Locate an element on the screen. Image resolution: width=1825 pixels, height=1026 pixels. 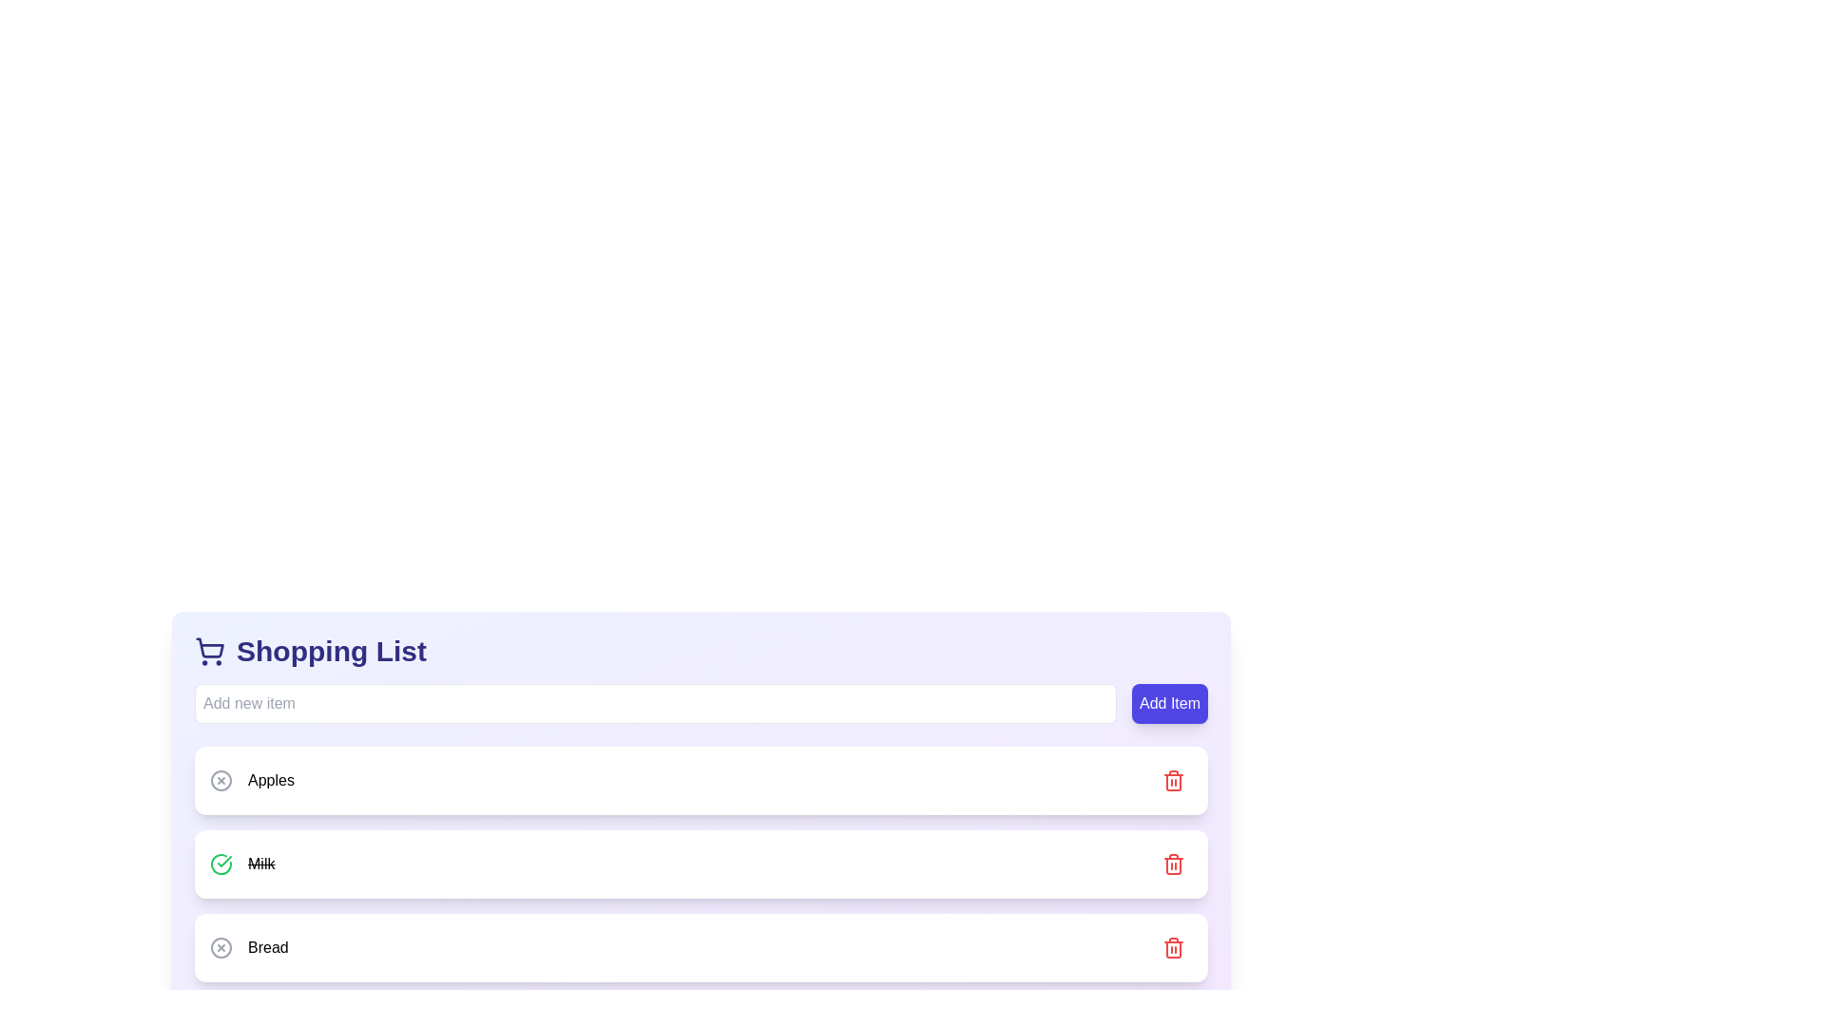
the completion icon located to the far left of the strikethrough text 'Milk' in the shopping list is located at coordinates (221, 864).